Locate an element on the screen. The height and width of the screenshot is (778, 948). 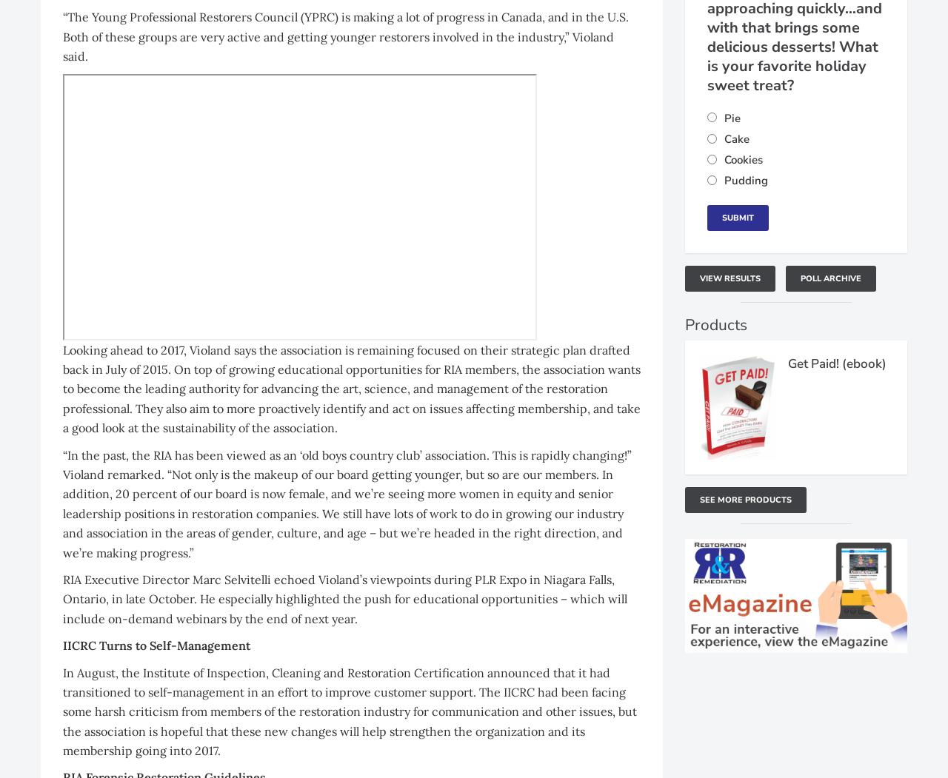
'IICRC Turns to Self-Management' is located at coordinates (156, 645).